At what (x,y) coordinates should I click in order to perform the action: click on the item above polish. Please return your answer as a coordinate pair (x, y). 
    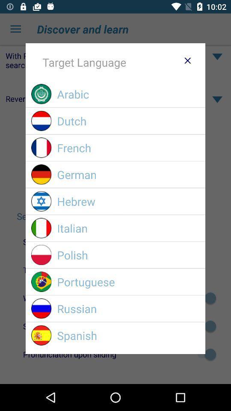
    Looking at the image, I should click on (128, 228).